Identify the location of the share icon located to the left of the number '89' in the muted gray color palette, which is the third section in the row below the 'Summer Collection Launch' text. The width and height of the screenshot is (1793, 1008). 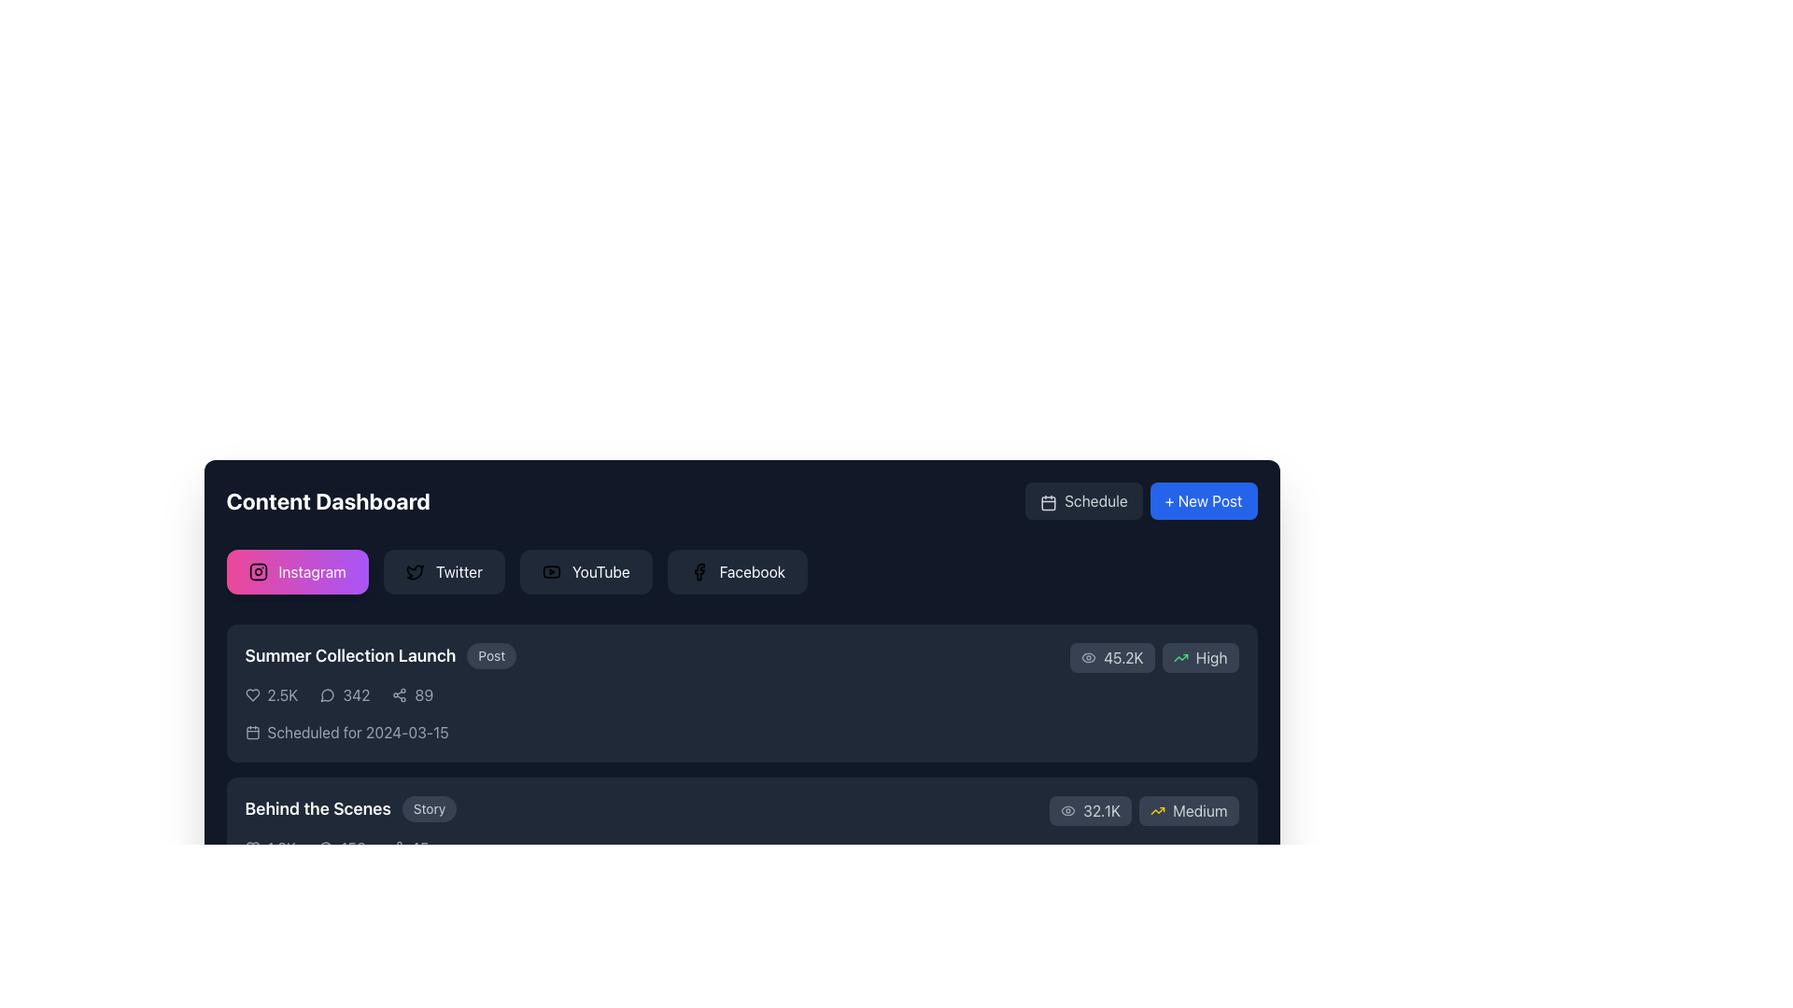
(412, 694).